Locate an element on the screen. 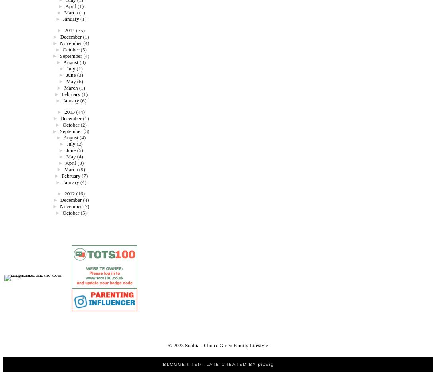 The width and height of the screenshot is (433, 375). 'Blogger Template Created by' is located at coordinates (209, 363).